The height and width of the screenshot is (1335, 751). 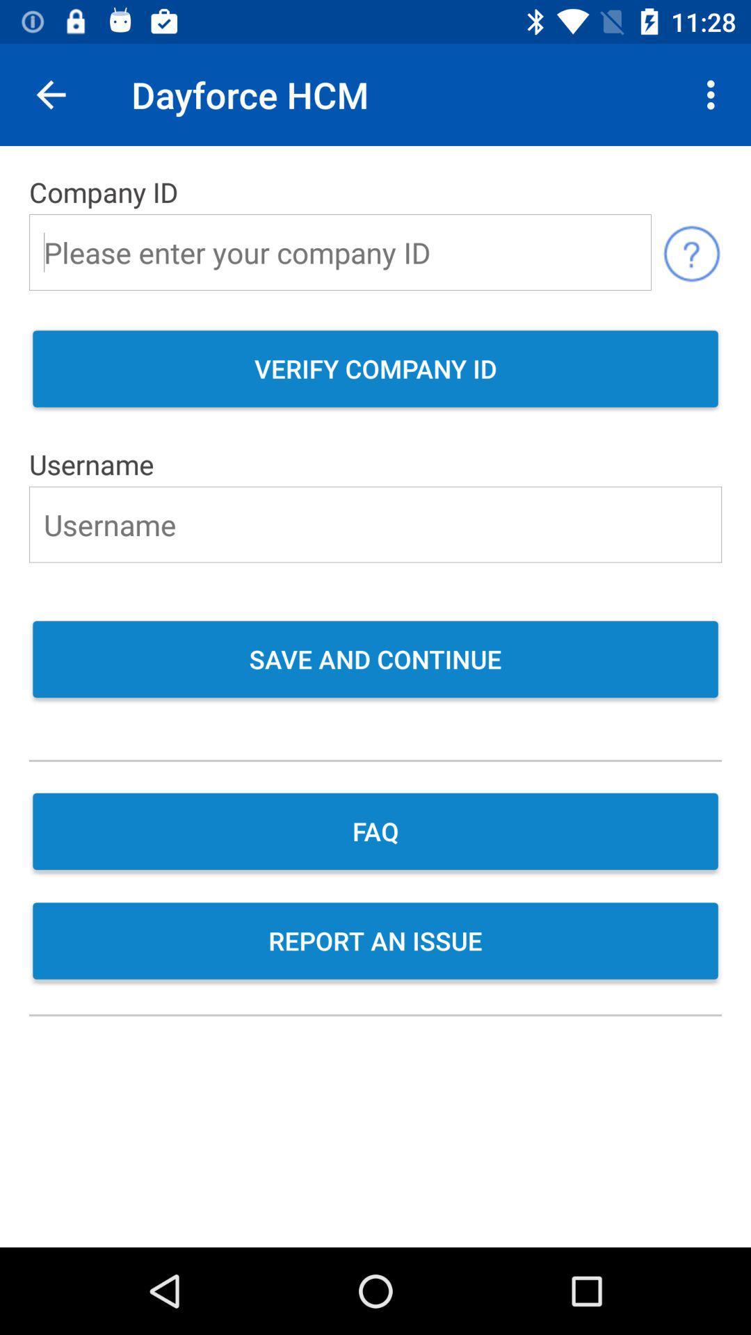 What do you see at coordinates (714, 94) in the screenshot?
I see `item above the company id icon` at bounding box center [714, 94].